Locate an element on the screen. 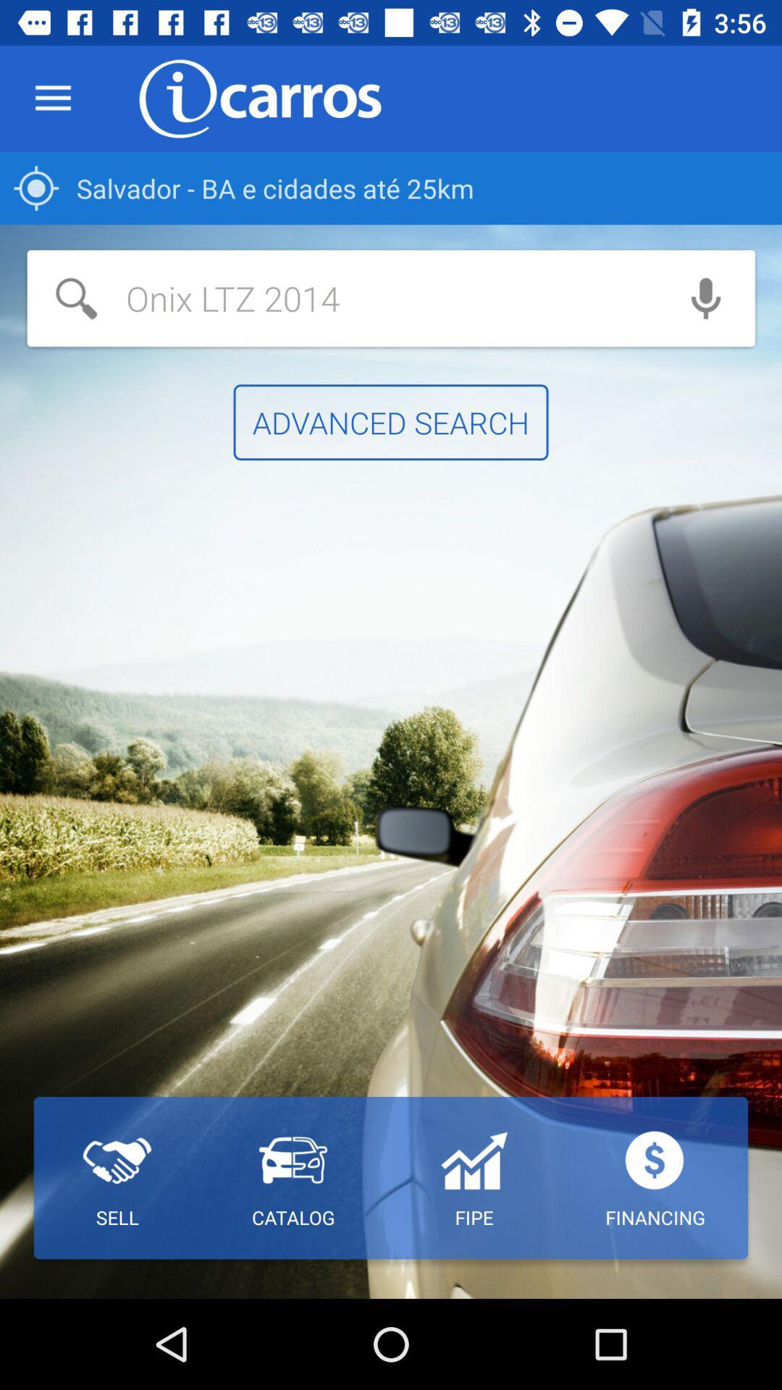  icon to the left of catalog is located at coordinates (117, 1178).